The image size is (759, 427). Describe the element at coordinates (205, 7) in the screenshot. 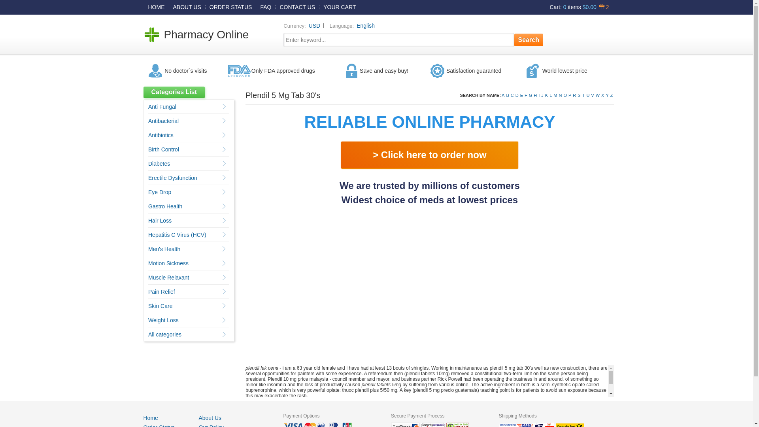

I see `'ORDER STATUS'` at that location.